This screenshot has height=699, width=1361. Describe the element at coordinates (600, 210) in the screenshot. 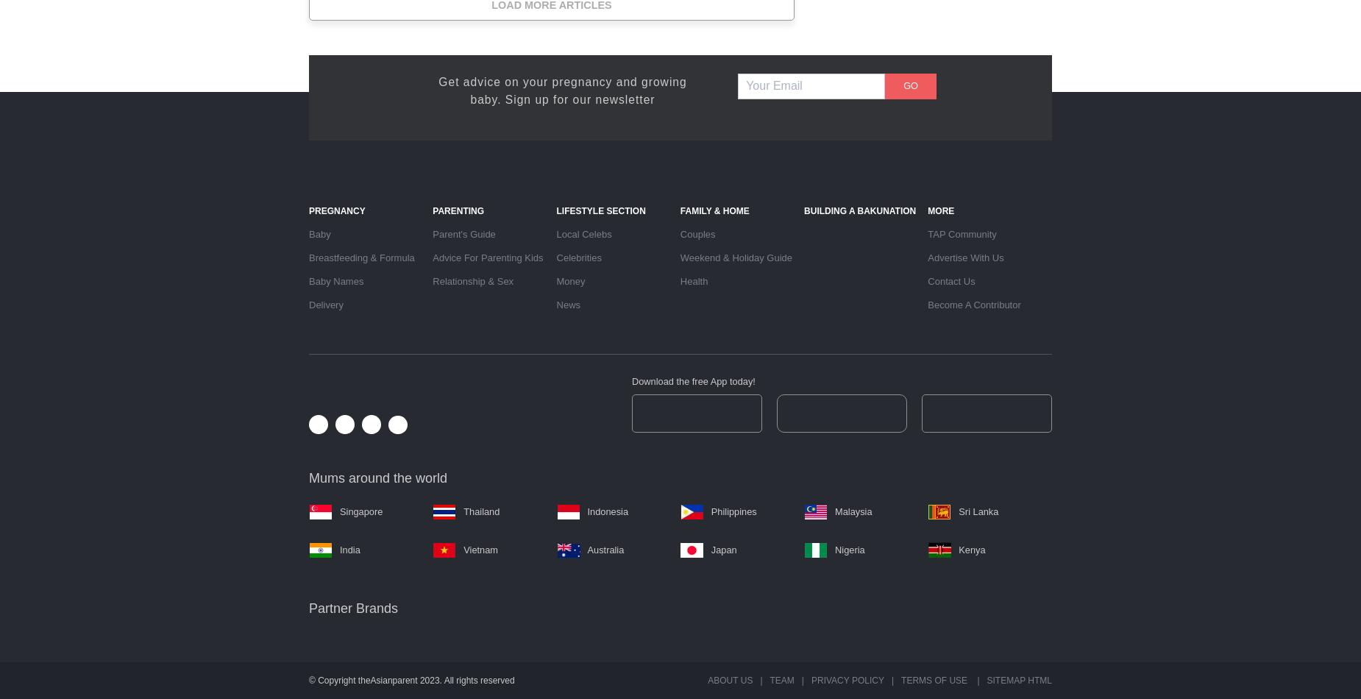

I see `'Lifestyle Section'` at that location.